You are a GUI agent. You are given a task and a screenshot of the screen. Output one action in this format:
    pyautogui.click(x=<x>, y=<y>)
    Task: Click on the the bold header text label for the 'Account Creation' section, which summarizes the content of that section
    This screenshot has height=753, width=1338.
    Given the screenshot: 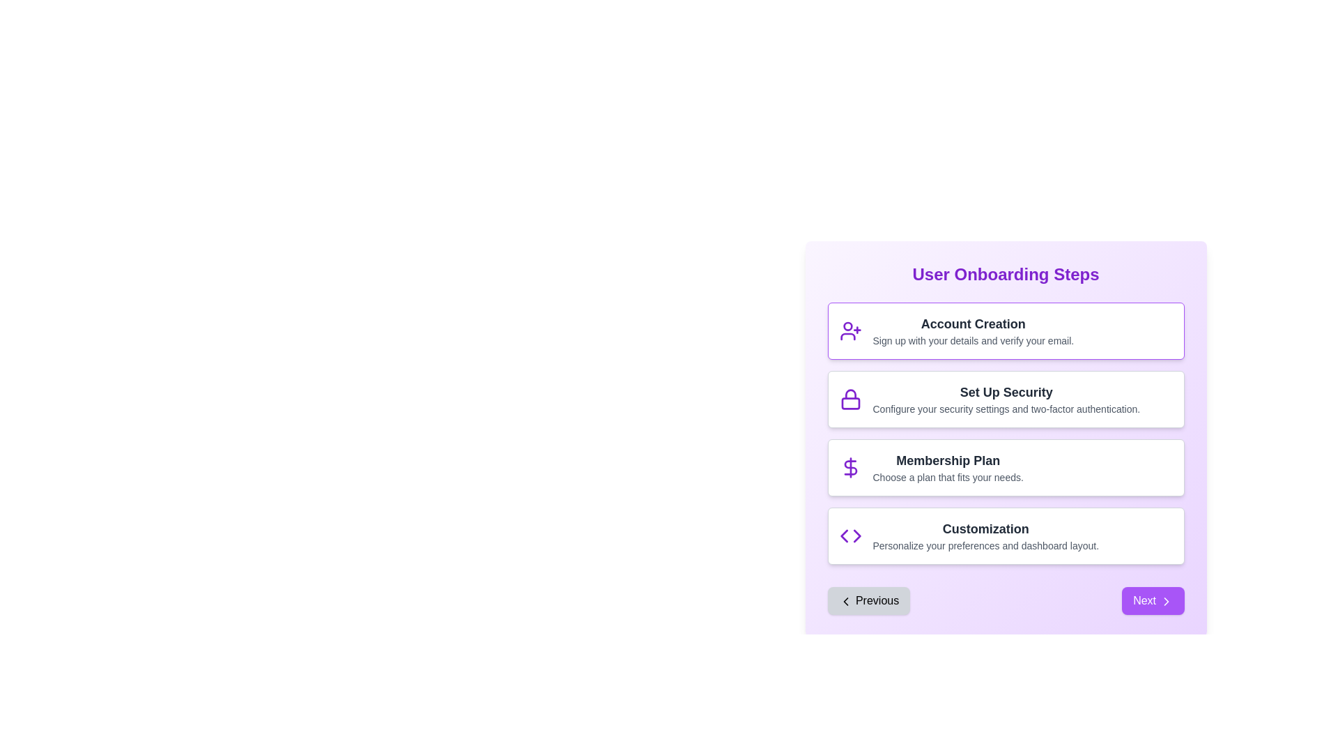 What is the action you would take?
    pyautogui.click(x=972, y=324)
    